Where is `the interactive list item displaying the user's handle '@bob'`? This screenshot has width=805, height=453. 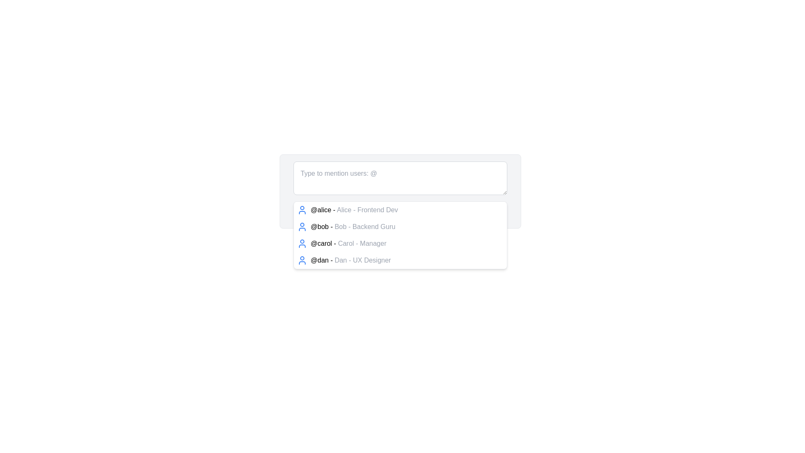
the interactive list item displaying the user's handle '@bob' is located at coordinates (400, 226).